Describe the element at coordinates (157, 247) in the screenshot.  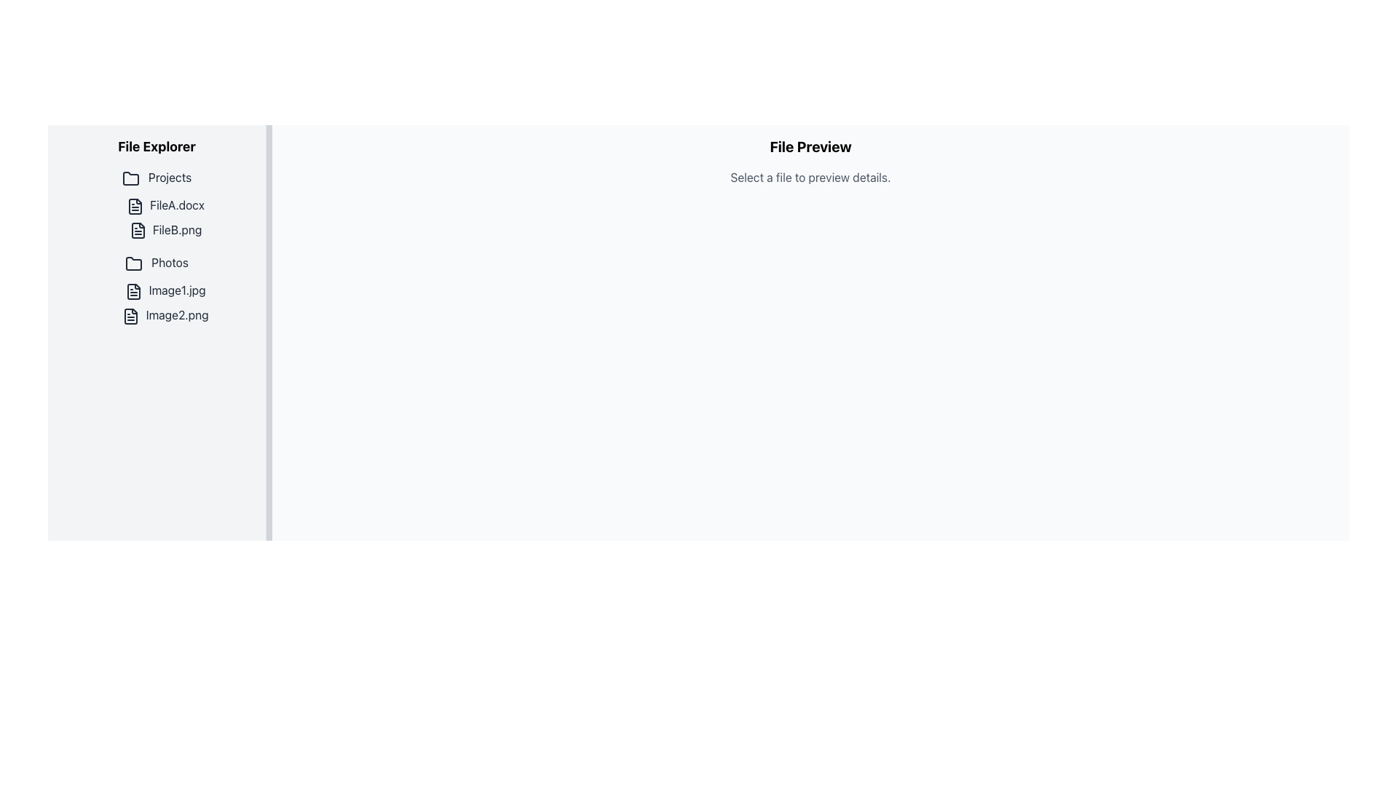
I see `an individual file within the 'Projects' directory in the File Explorer section` at that location.